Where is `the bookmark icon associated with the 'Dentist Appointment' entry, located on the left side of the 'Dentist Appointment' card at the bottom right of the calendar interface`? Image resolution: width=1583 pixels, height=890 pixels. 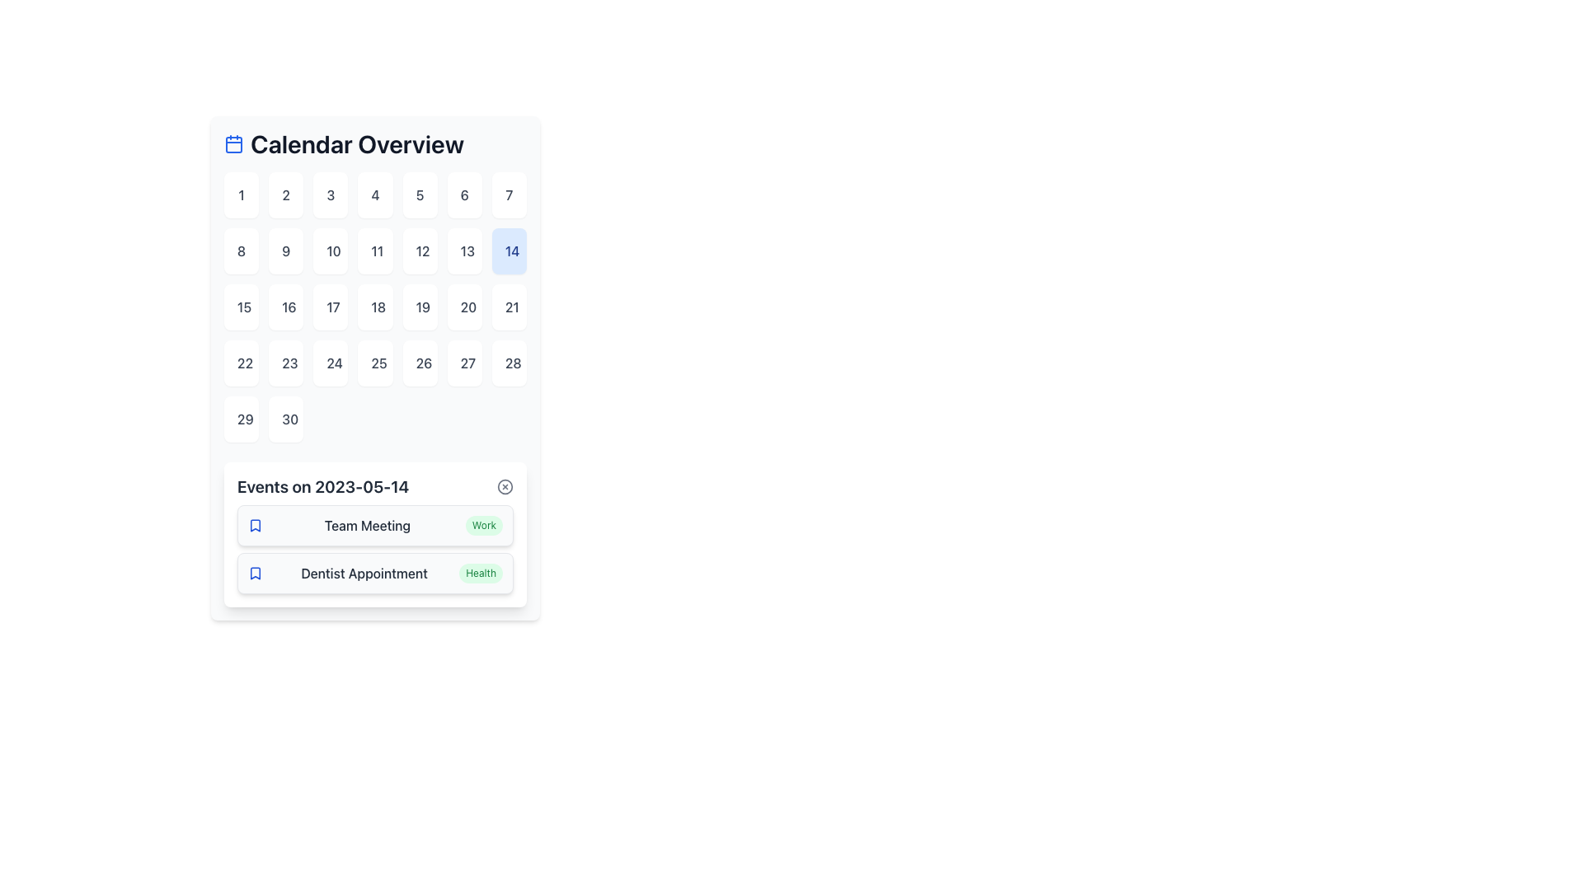
the bookmark icon associated with the 'Dentist Appointment' entry, located on the left side of the 'Dentist Appointment' card at the bottom right of the calendar interface is located at coordinates (255, 572).